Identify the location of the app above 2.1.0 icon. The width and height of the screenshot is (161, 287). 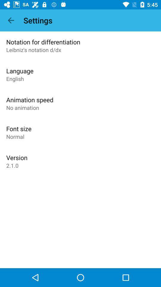
(17, 157).